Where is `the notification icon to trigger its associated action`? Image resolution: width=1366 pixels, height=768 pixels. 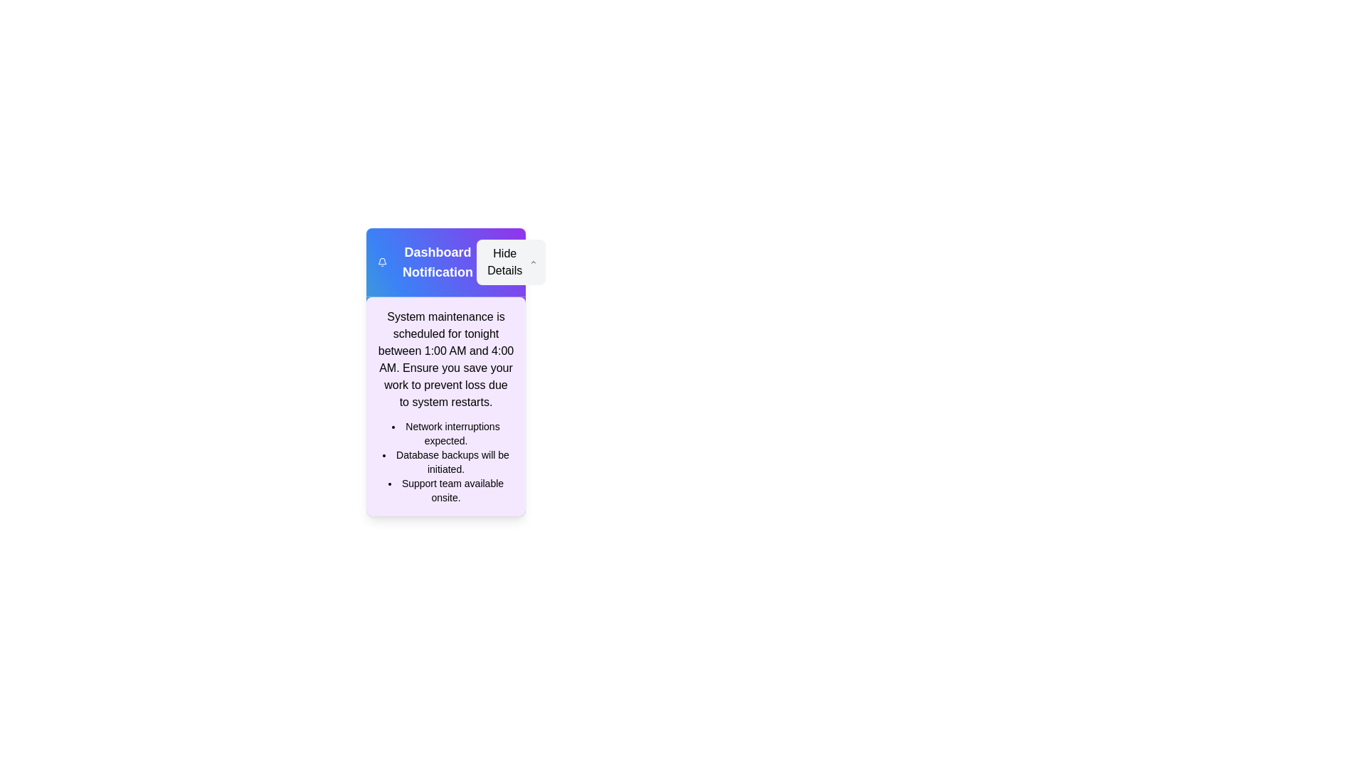 the notification icon to trigger its associated action is located at coordinates (382, 262).